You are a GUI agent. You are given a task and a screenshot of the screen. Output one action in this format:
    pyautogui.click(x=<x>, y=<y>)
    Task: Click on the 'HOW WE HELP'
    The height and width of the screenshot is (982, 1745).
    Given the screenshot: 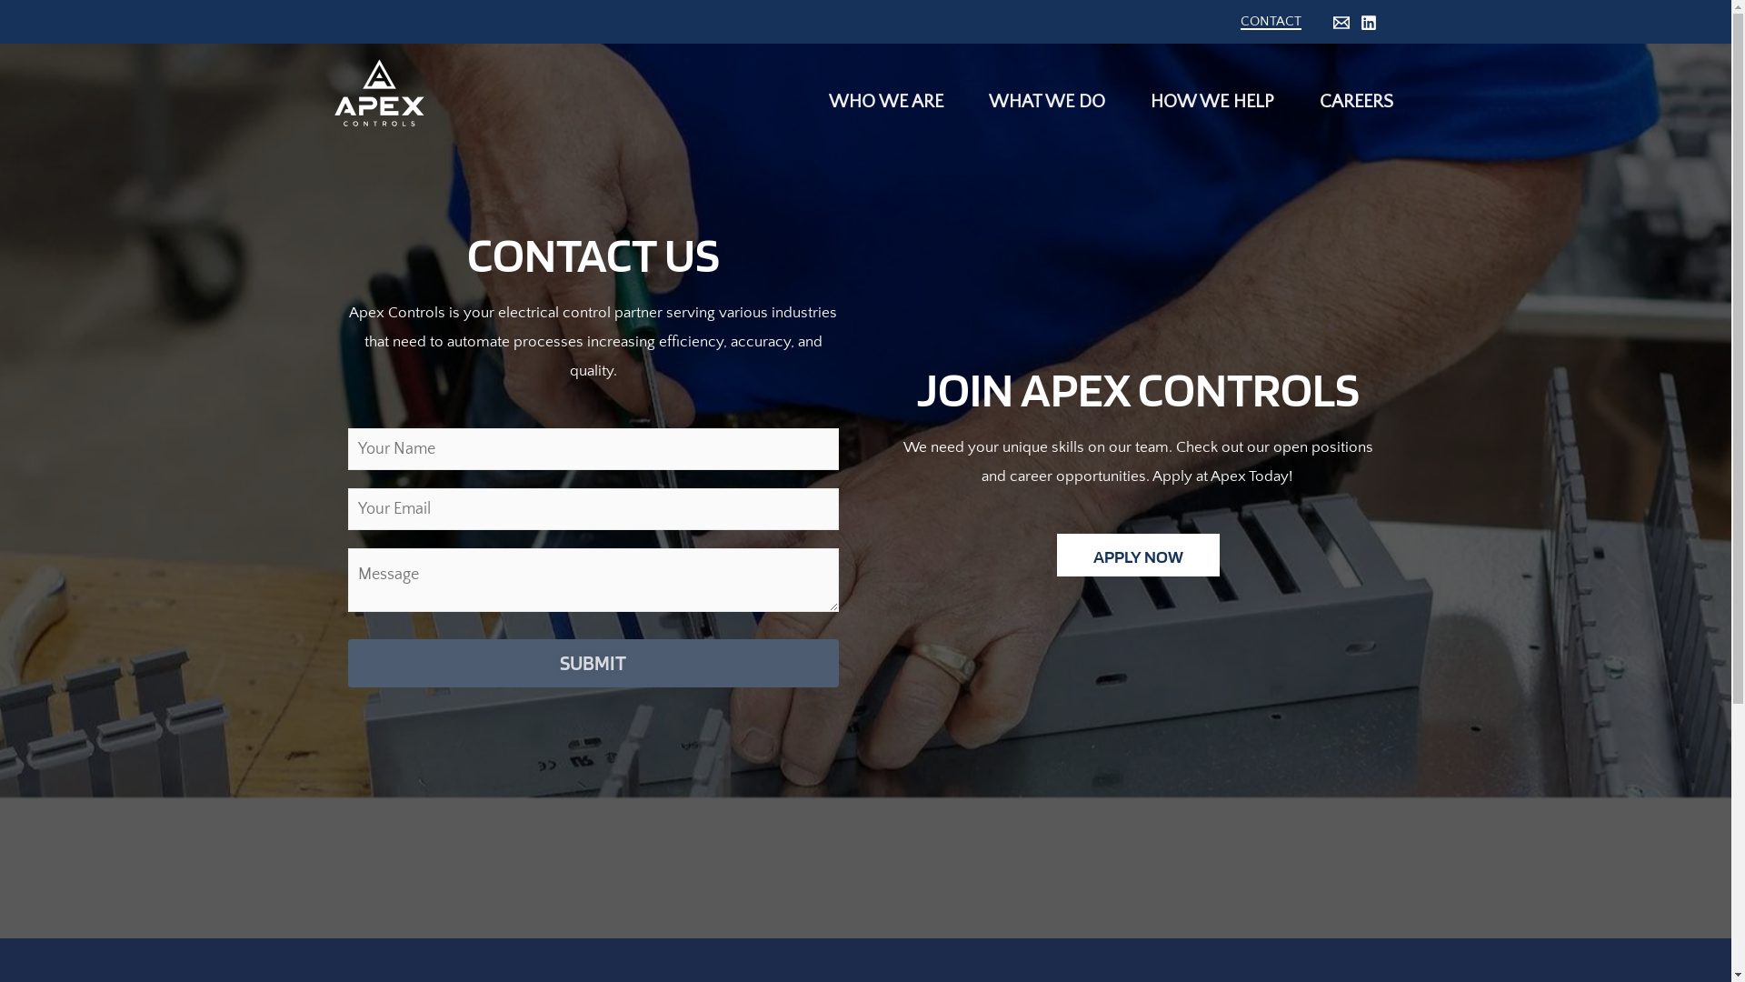 What is the action you would take?
    pyautogui.click(x=1208, y=92)
    